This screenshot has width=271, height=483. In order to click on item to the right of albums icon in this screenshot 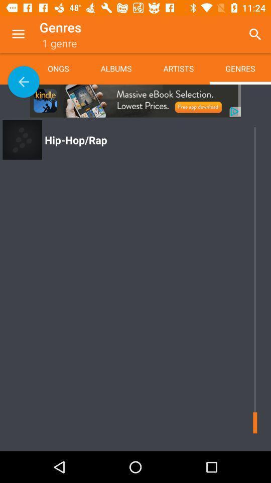, I will do `click(178, 68)`.